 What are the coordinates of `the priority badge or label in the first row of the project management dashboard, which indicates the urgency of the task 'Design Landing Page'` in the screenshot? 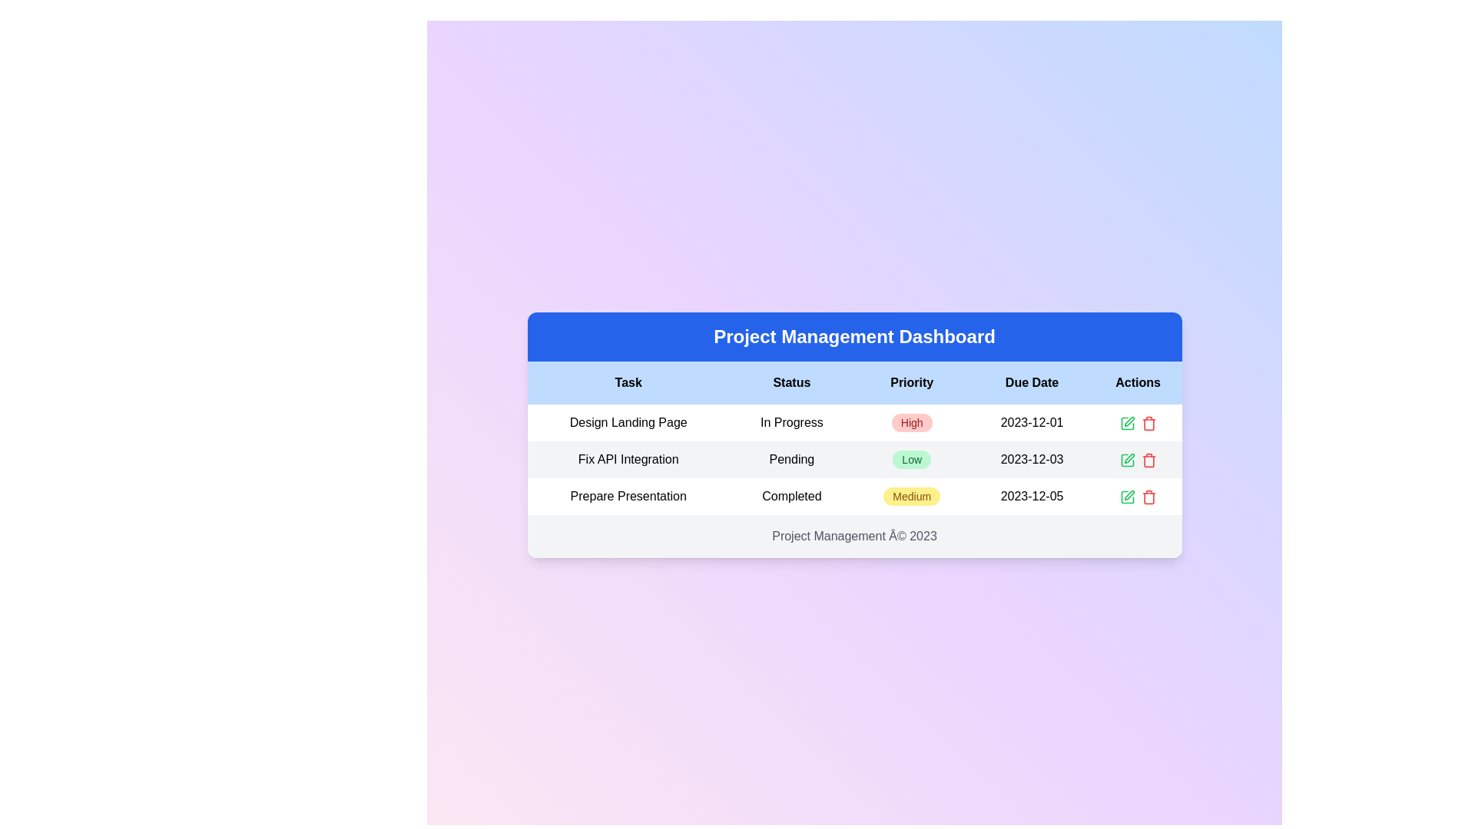 It's located at (912, 423).